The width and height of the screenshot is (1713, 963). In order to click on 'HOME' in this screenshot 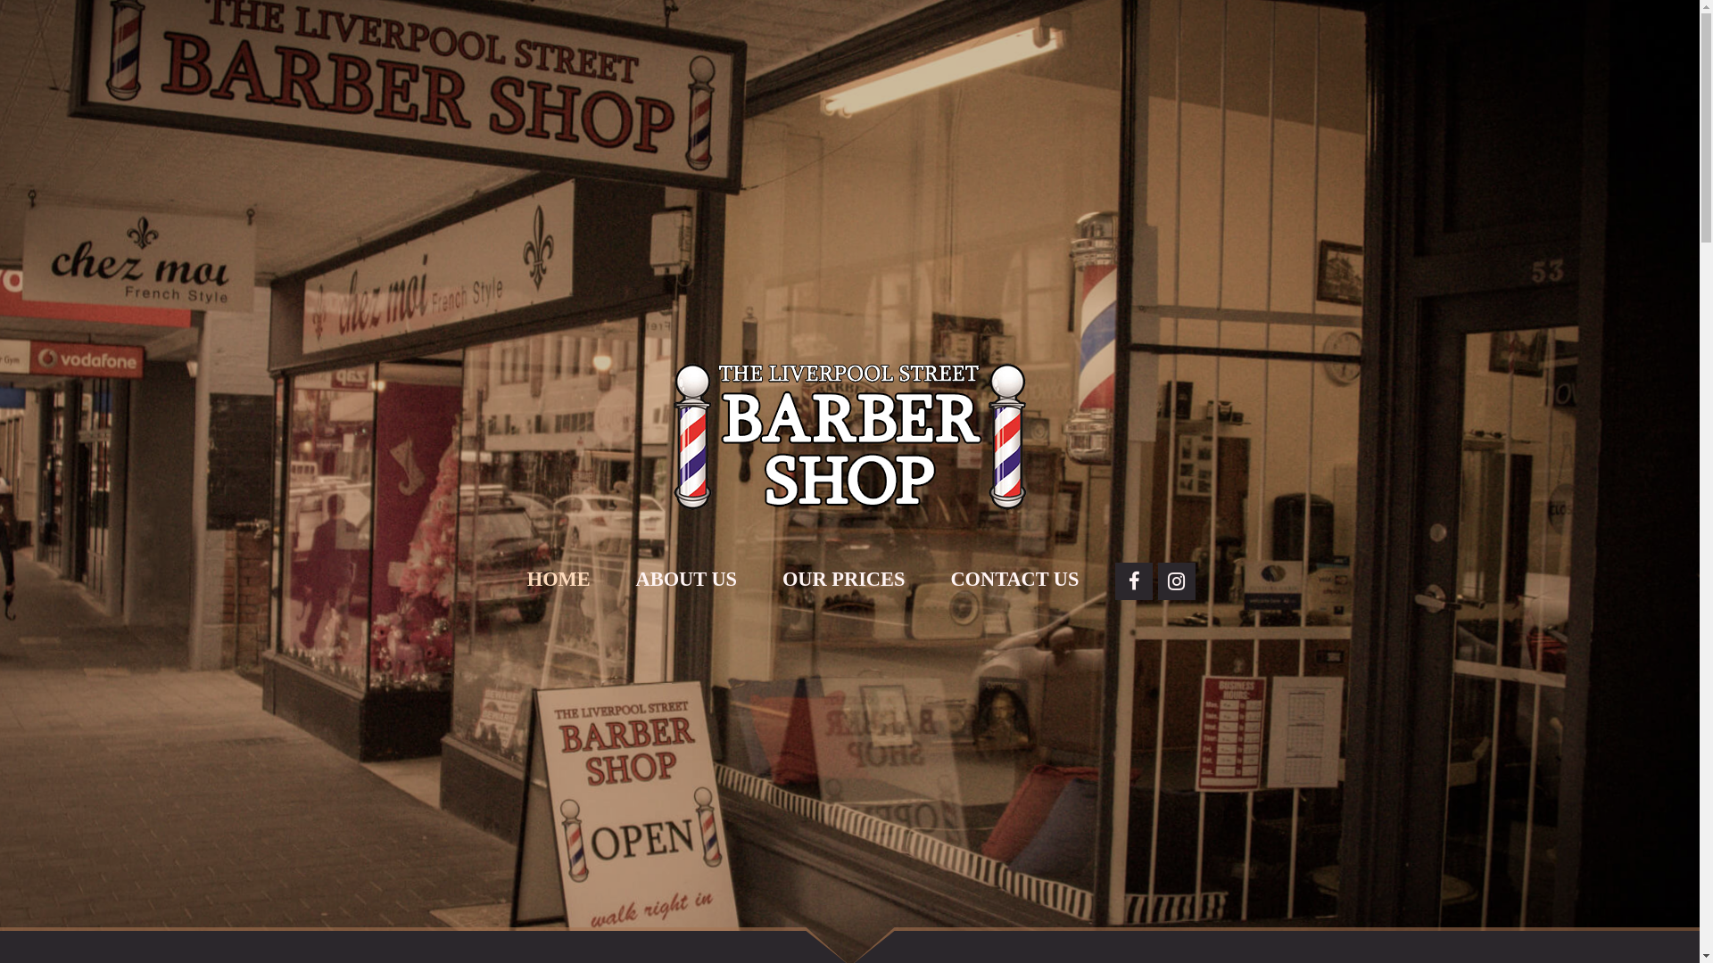, I will do `click(558, 580)`.